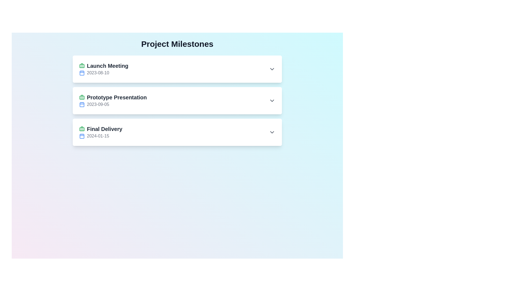  Describe the element at coordinates (82, 105) in the screenshot. I see `the small blue calendar icon located beside the date text '2023-09-05' in the second milestone card as a visual cue` at that location.